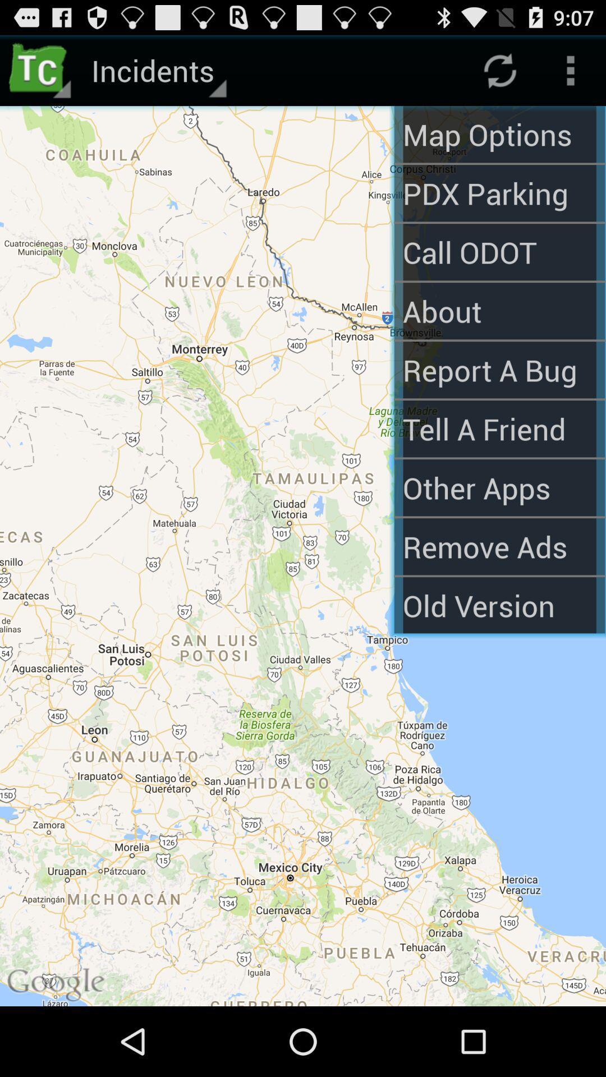  I want to click on map options, so click(499, 134).